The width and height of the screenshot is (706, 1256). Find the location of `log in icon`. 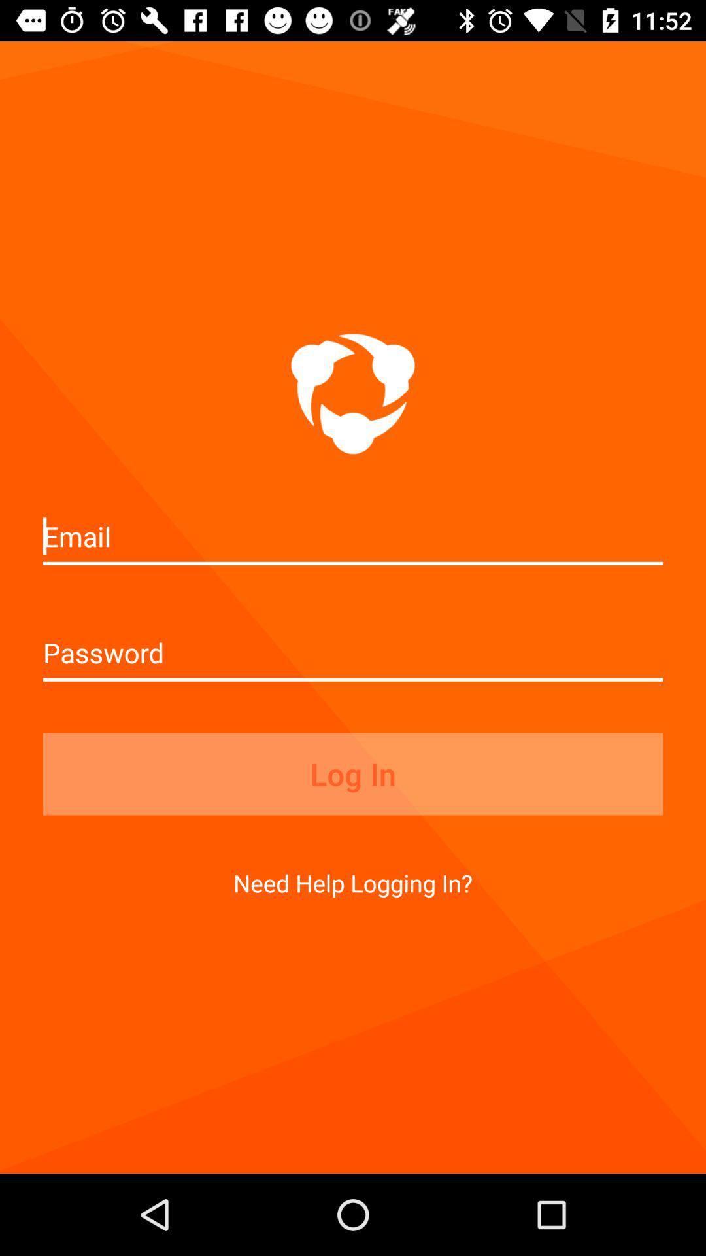

log in icon is located at coordinates (353, 774).